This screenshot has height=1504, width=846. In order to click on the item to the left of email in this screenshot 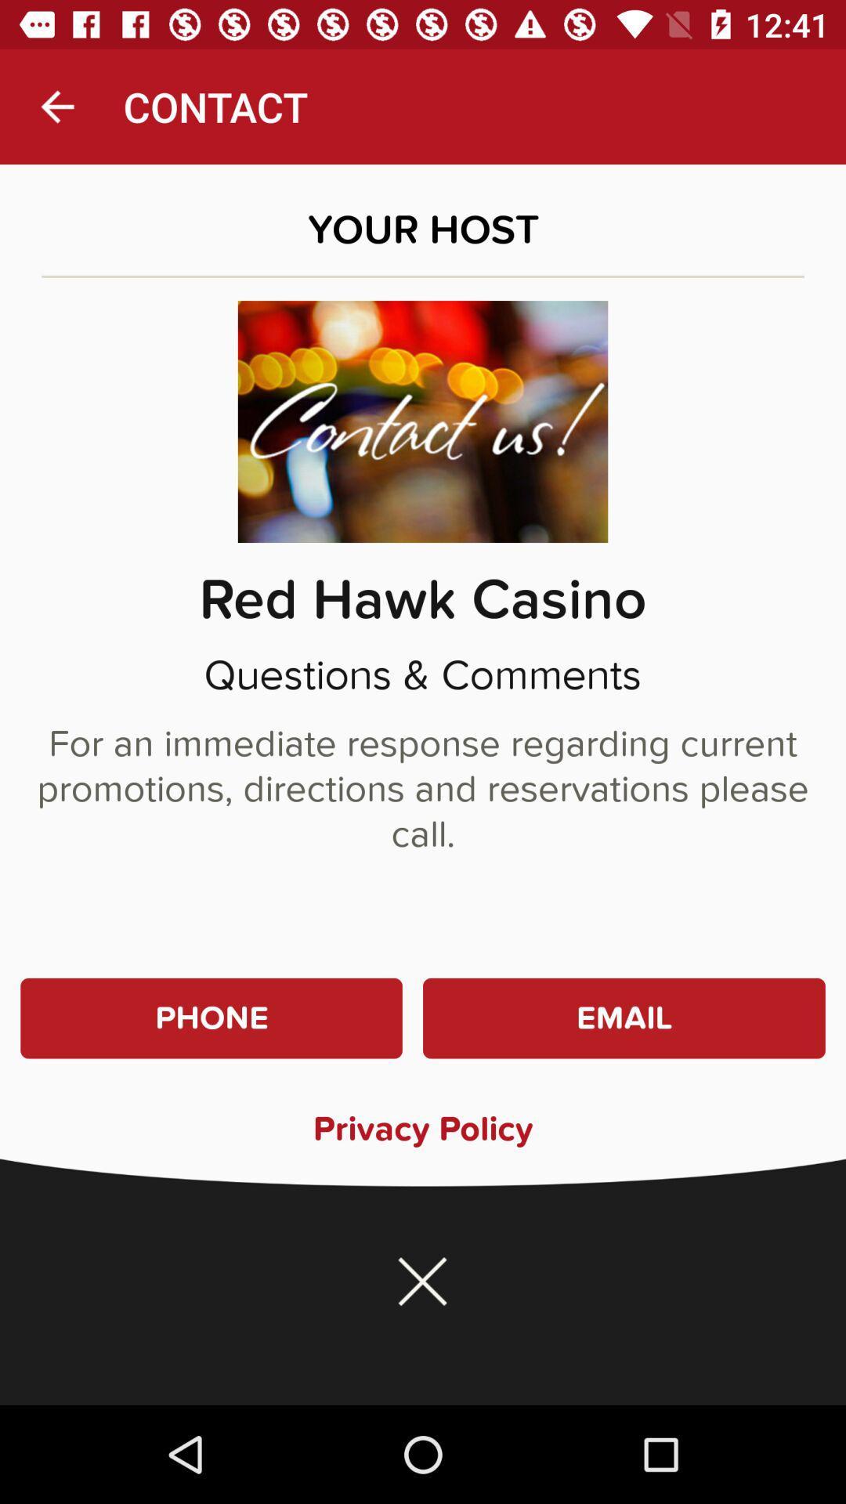, I will do `click(211, 1018)`.